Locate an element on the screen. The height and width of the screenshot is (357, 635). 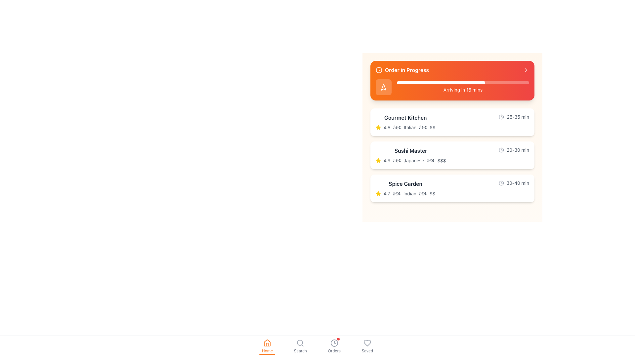
the 'Search' text label in the navigation bar, which is the second option from the left and changes color to orange when hovered over is located at coordinates (300, 350).